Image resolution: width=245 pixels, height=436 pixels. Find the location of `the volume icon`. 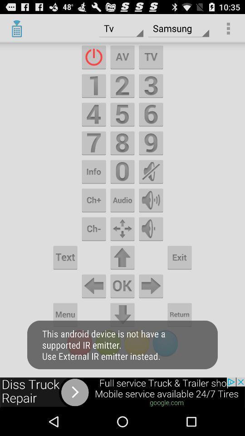

the volume icon is located at coordinates (151, 183).